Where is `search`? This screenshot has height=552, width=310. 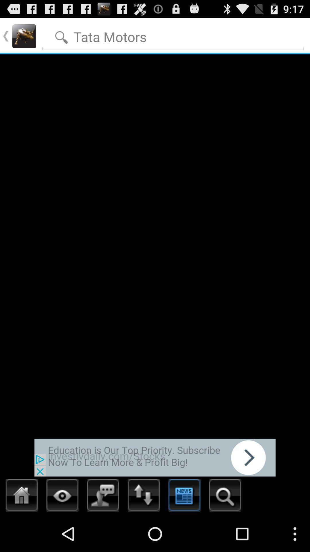 search is located at coordinates (173, 35).